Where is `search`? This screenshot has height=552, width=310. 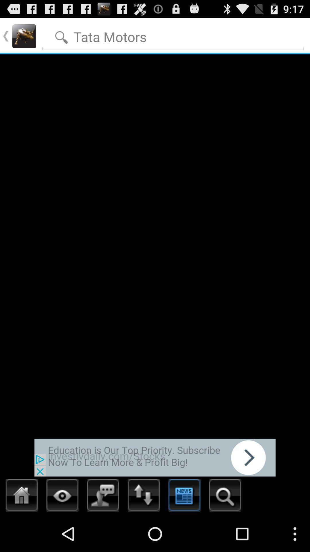 search is located at coordinates (173, 35).